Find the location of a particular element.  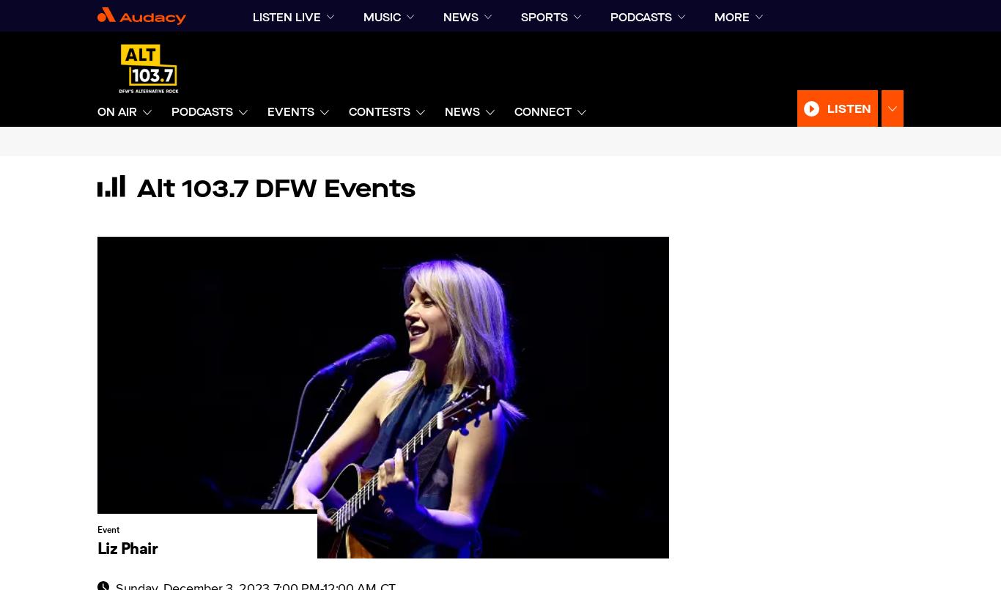

'Listen Live' is located at coordinates (286, 17).